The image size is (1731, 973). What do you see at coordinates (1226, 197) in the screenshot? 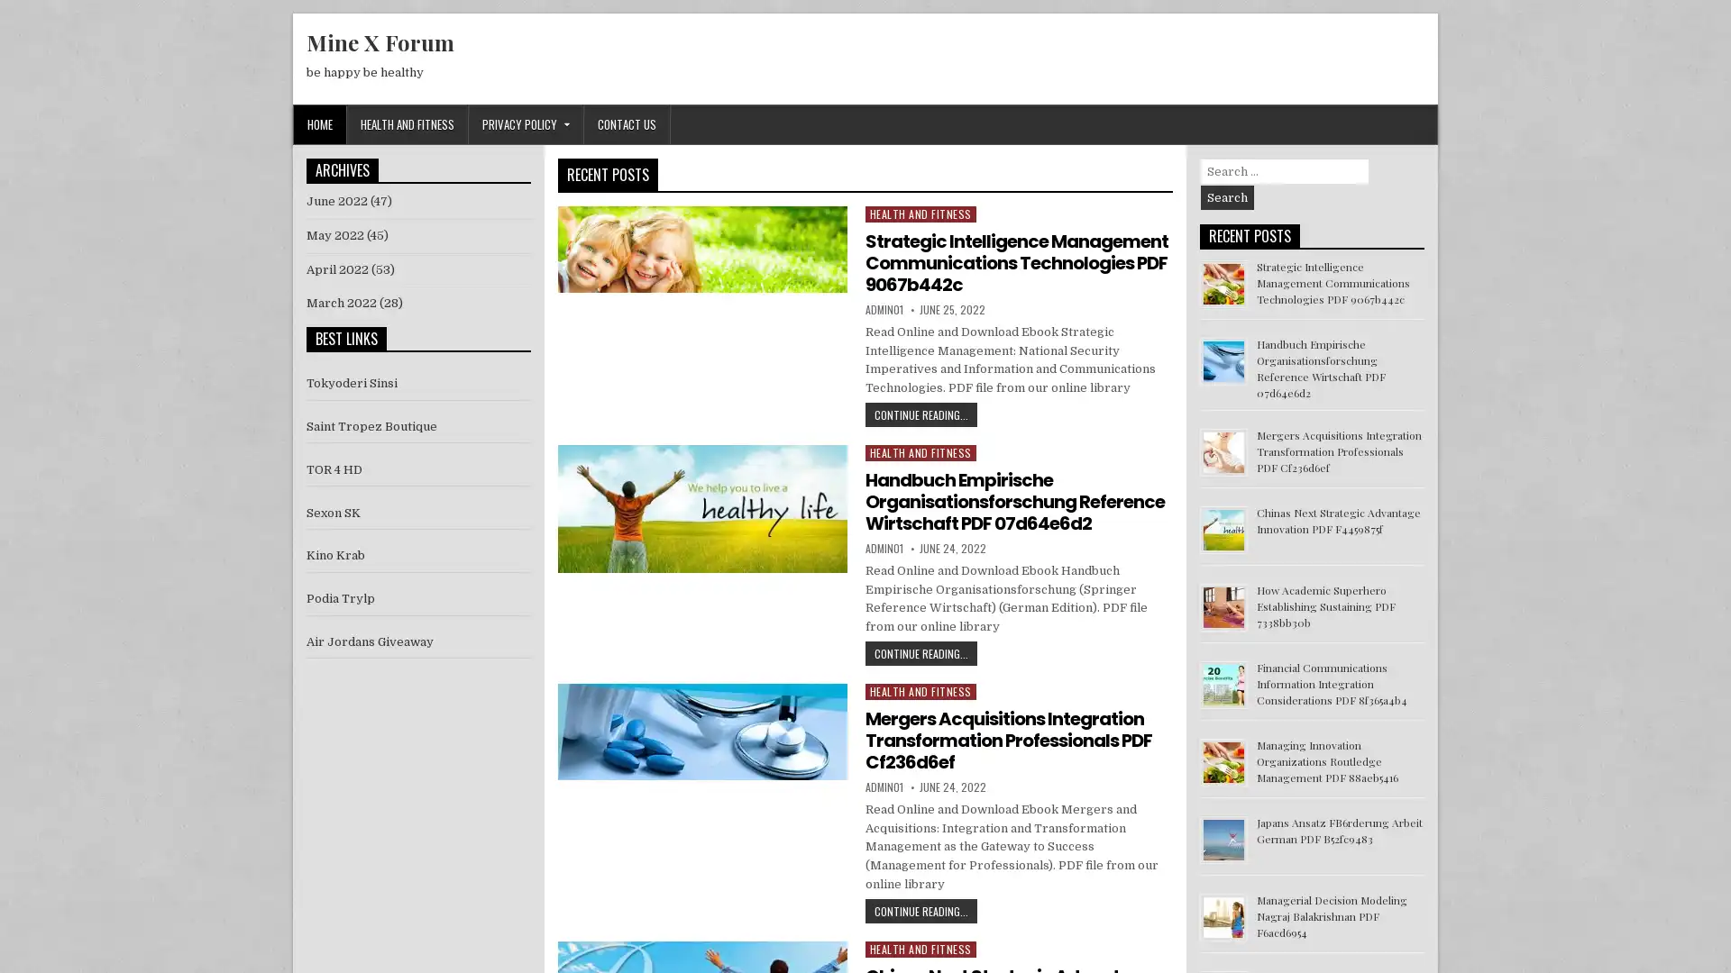
I see `Search` at bounding box center [1226, 197].